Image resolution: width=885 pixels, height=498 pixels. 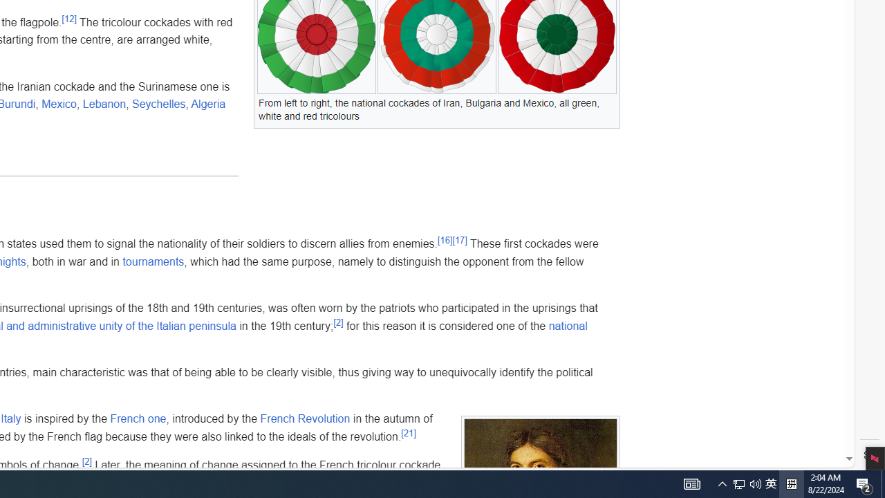 I want to click on 'French Revolution', so click(x=304, y=418).